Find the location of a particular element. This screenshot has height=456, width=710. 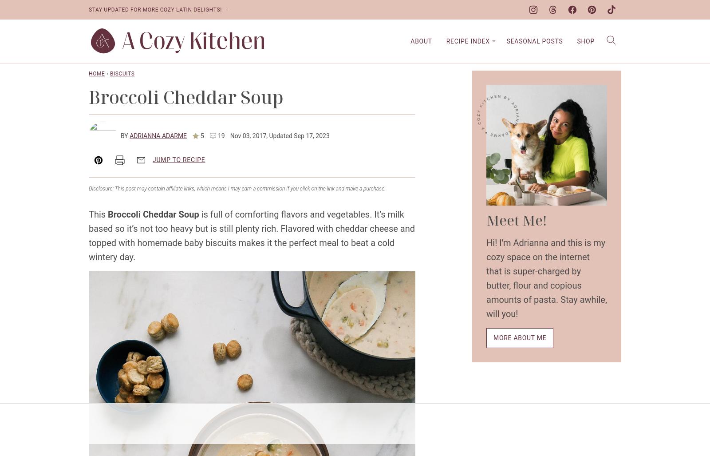

'Jump to Recipe' is located at coordinates (178, 159).